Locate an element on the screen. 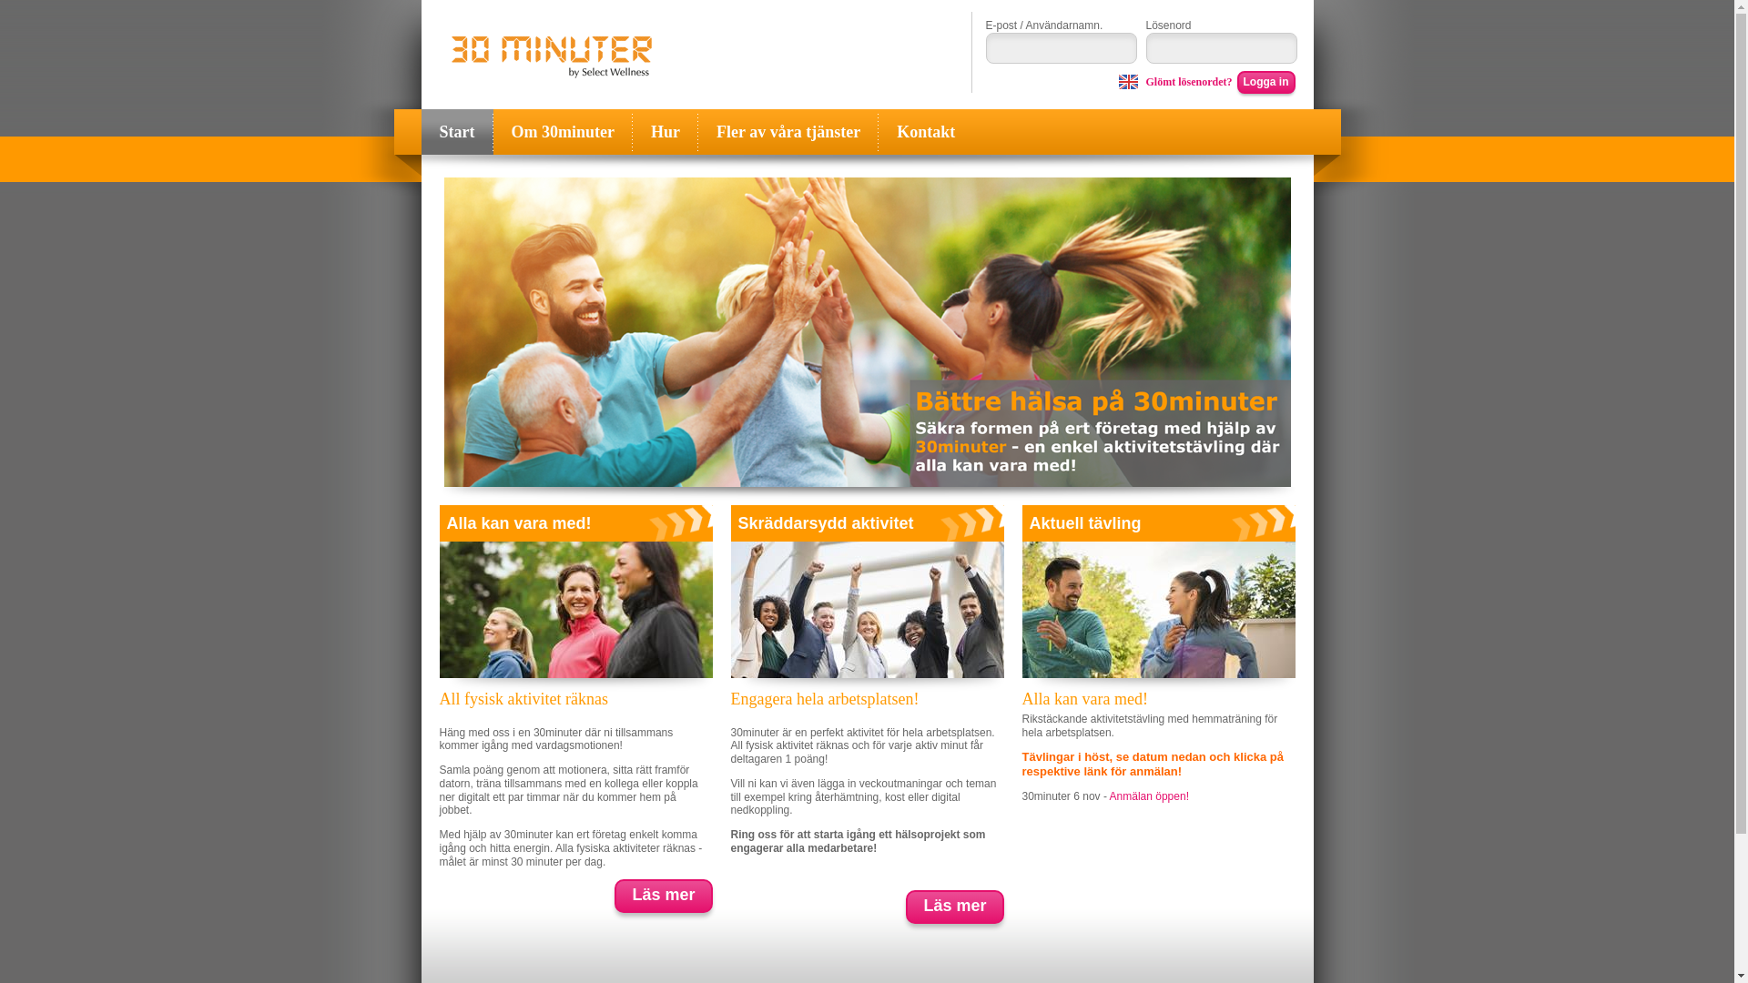 This screenshot has width=1748, height=983. 'Change language' is located at coordinates (1117, 79).